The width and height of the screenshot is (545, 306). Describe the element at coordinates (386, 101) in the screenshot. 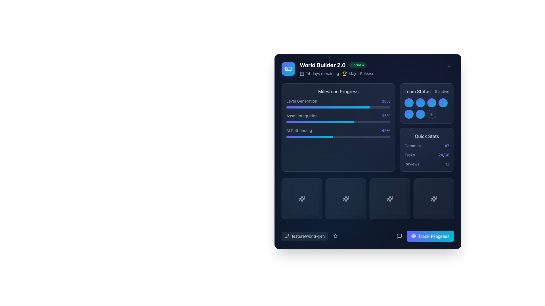

I see `the Text label indicating the progress percentage for 'Level Generation' within the 'Milestone Progress' section` at that location.